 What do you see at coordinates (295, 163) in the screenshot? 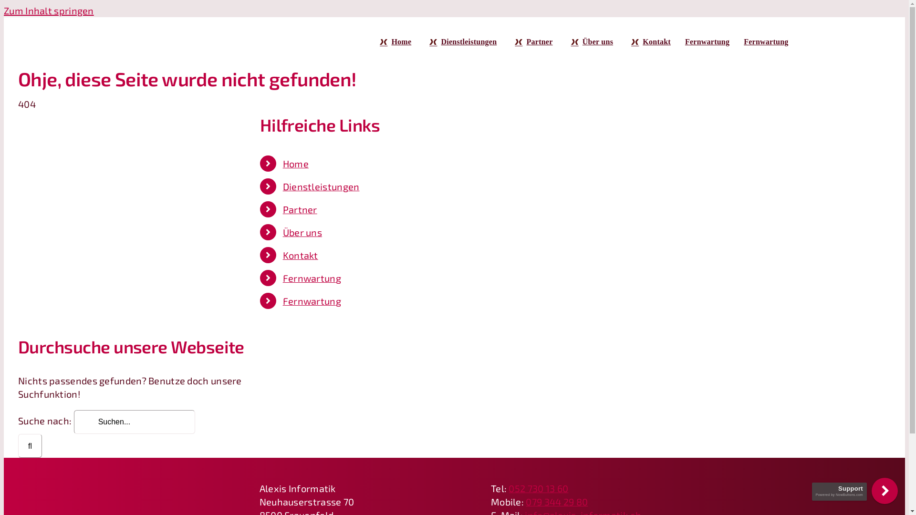
I see `'Home'` at bounding box center [295, 163].